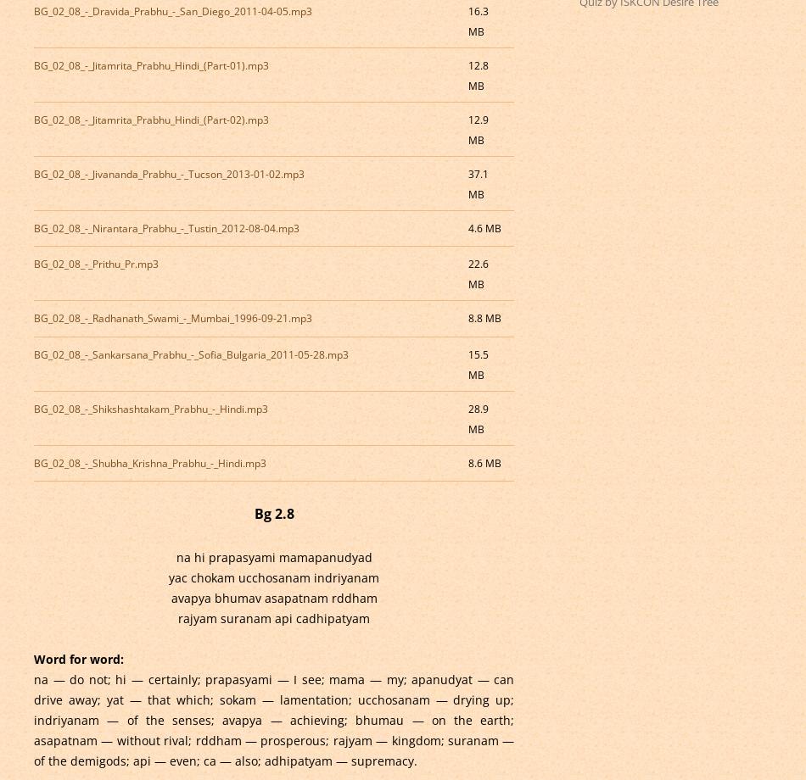 The height and width of the screenshot is (780, 806). Describe the element at coordinates (477, 363) in the screenshot. I see `'15.5 MB'` at that location.